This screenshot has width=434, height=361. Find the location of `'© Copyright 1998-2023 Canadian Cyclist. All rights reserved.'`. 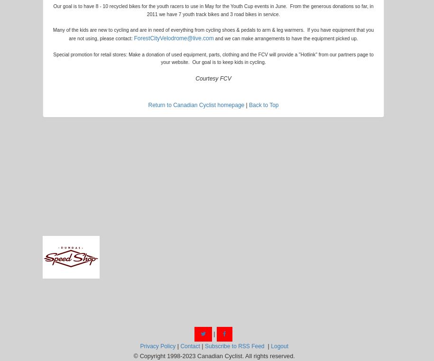

'© Copyright 1998-2023 Canadian Cyclist. All rights reserved.' is located at coordinates (213, 356).